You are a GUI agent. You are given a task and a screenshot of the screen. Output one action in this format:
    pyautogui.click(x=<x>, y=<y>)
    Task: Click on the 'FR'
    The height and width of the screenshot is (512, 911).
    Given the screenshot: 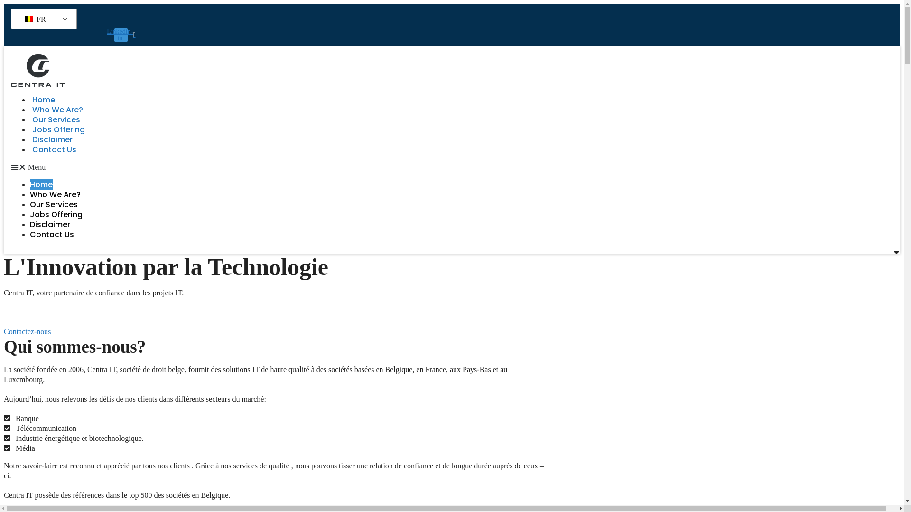 What is the action you would take?
    pyautogui.click(x=42, y=19)
    